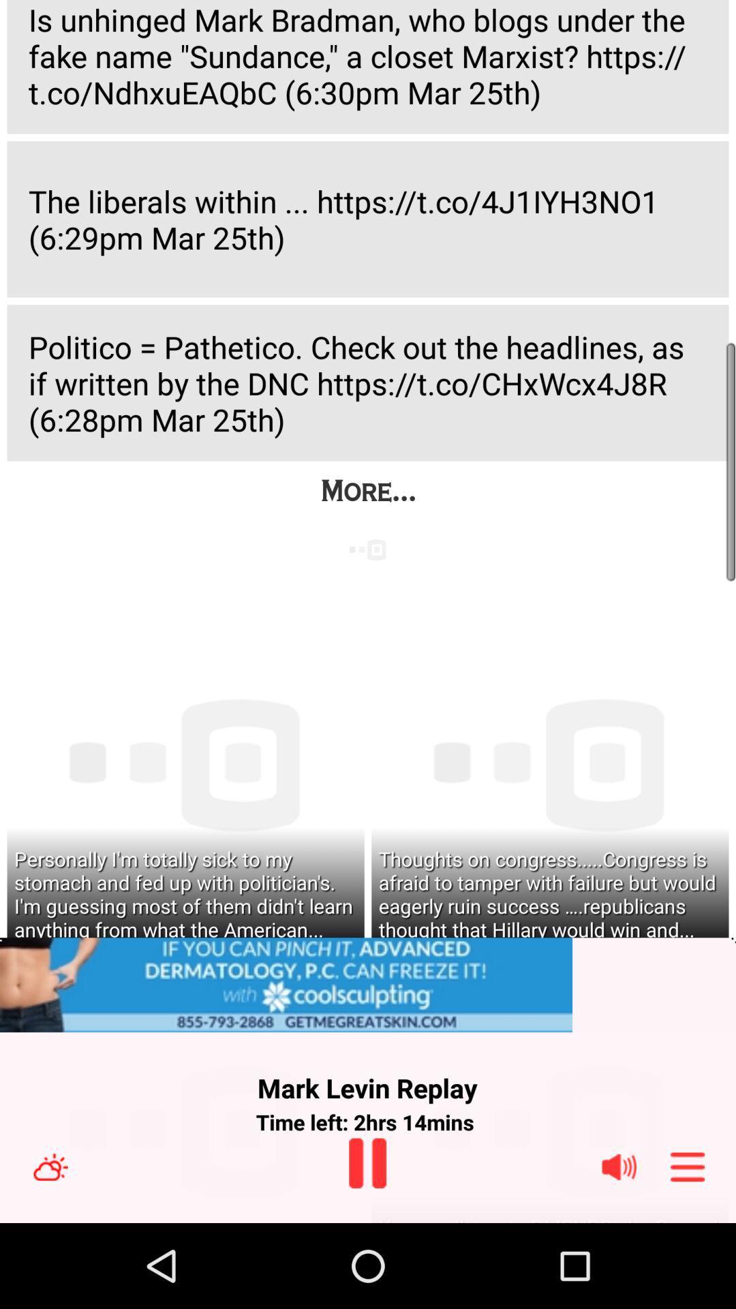 The width and height of the screenshot is (736, 1309). What do you see at coordinates (50, 1249) in the screenshot?
I see `the weather icon` at bounding box center [50, 1249].